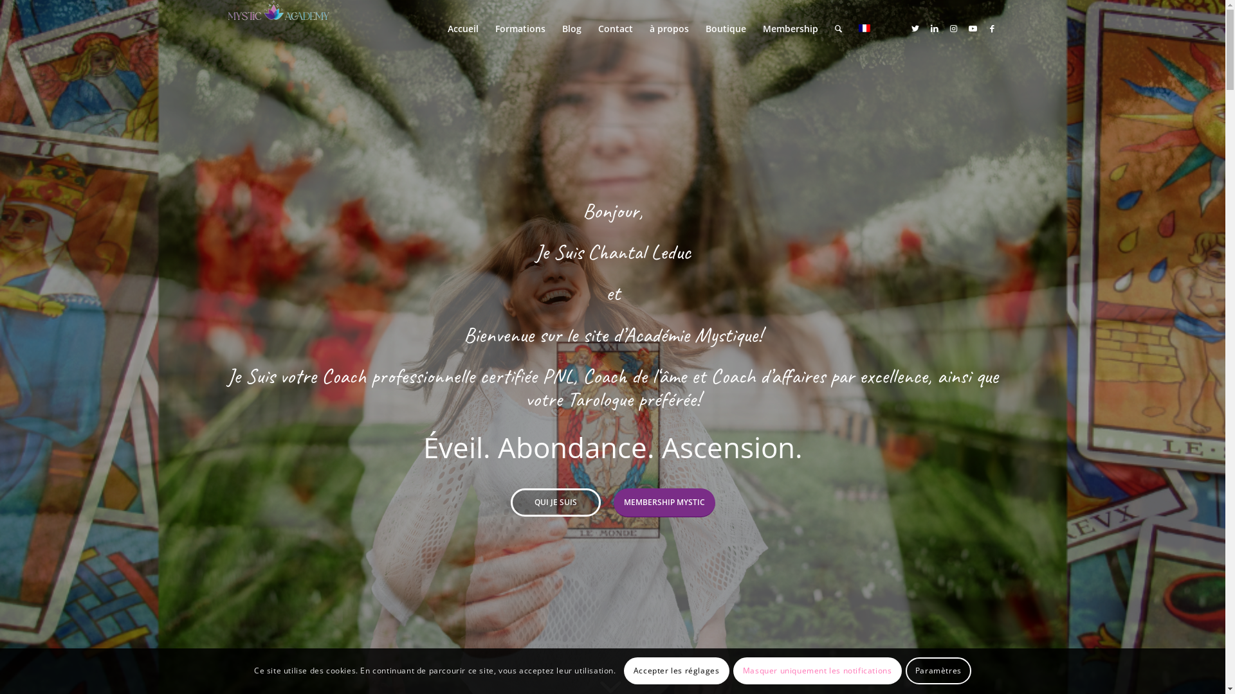  Describe the element at coordinates (935, 28) in the screenshot. I see `'LinkedIn'` at that location.